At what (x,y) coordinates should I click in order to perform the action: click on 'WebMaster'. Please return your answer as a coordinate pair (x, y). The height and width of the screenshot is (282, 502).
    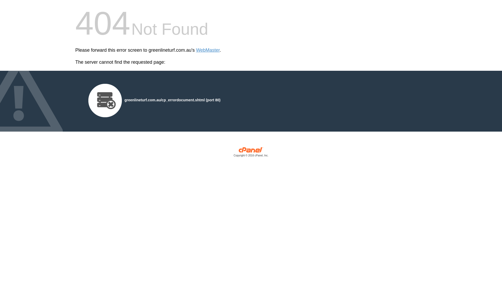
    Looking at the image, I should click on (208, 50).